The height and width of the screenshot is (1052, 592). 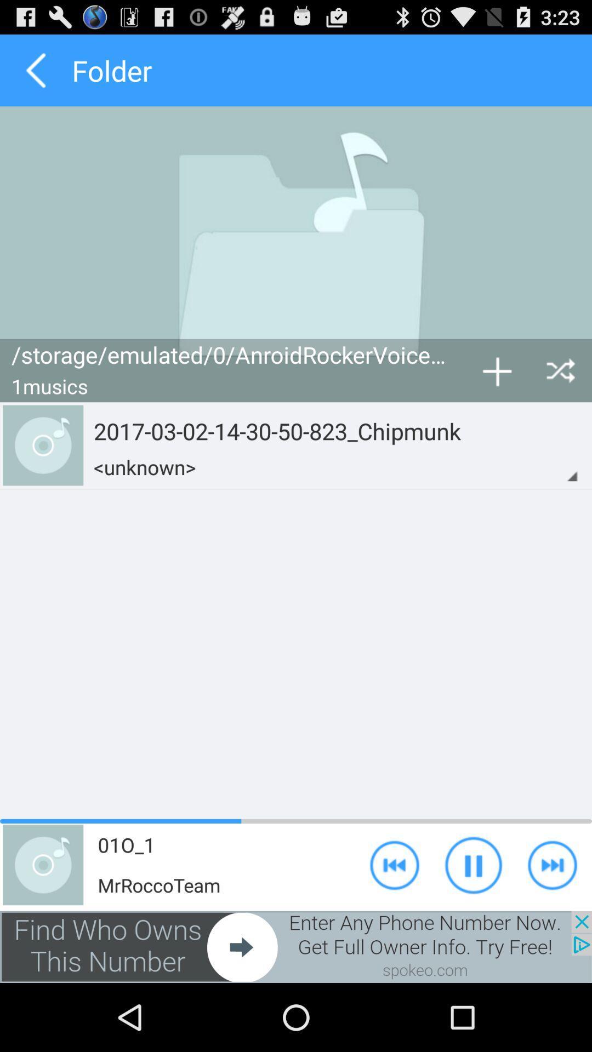 What do you see at coordinates (552, 864) in the screenshot?
I see `forward option` at bounding box center [552, 864].